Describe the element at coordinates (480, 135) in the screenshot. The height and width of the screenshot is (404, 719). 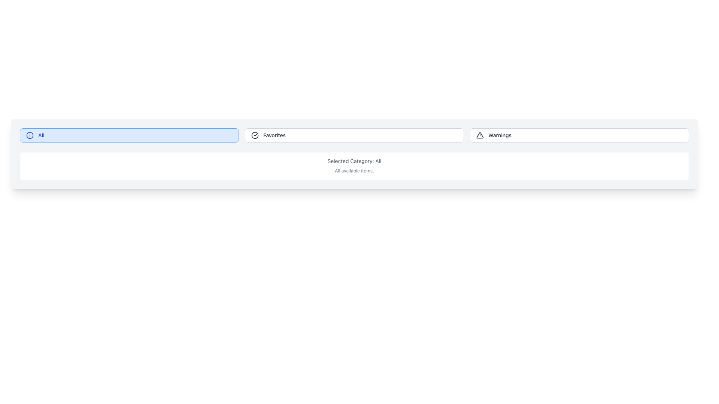
I see `the warning icon located within the 'Warnings' button, which is positioned to the left of the text label` at that location.